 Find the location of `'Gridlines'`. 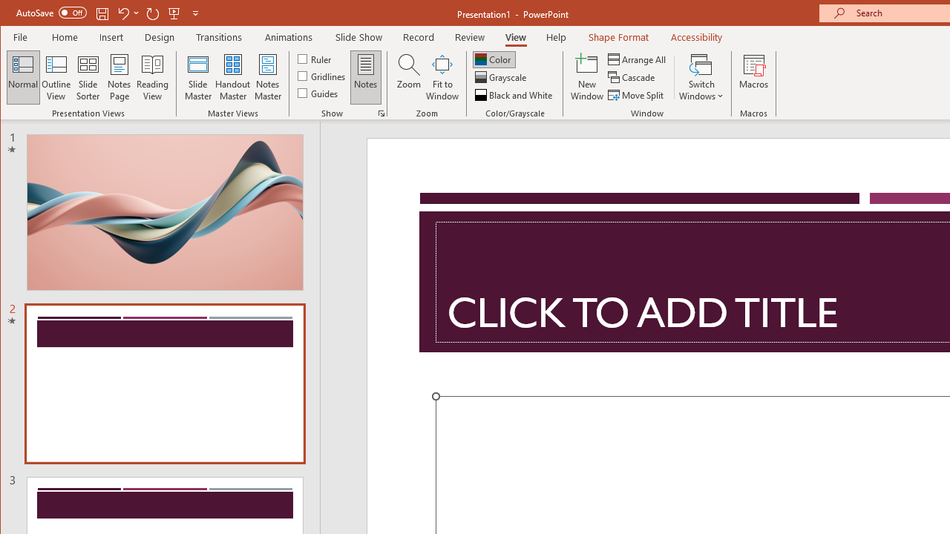

'Gridlines' is located at coordinates (322, 76).